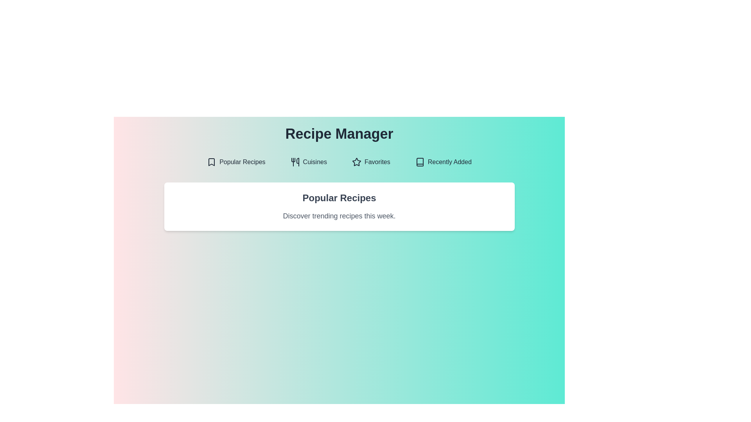 The image size is (751, 422). What do you see at coordinates (308, 162) in the screenshot?
I see `the Cuisines tab` at bounding box center [308, 162].